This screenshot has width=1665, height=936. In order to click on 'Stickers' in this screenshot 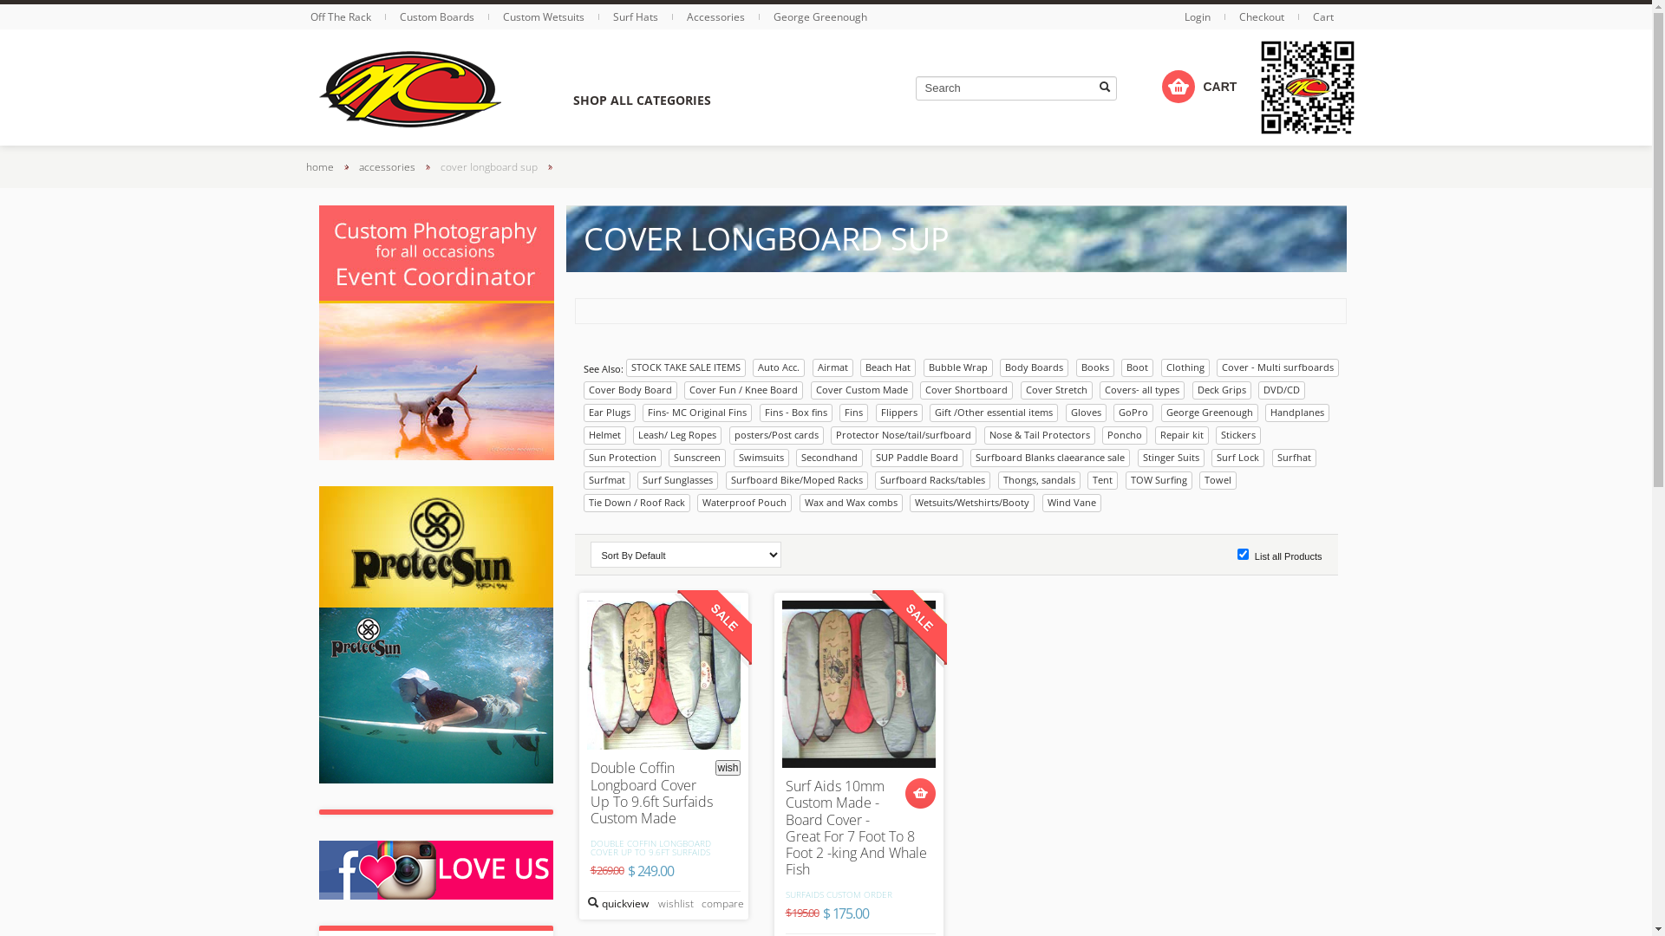, I will do `click(1237, 434)`.